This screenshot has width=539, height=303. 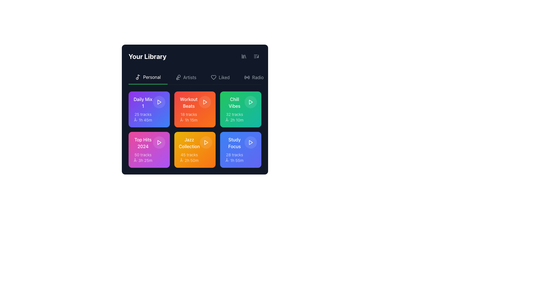 I want to click on the 'Radio' label in the navigation menu, which is displayed in light gray against a dark background and is located at the far right of the menu, so click(x=257, y=77).